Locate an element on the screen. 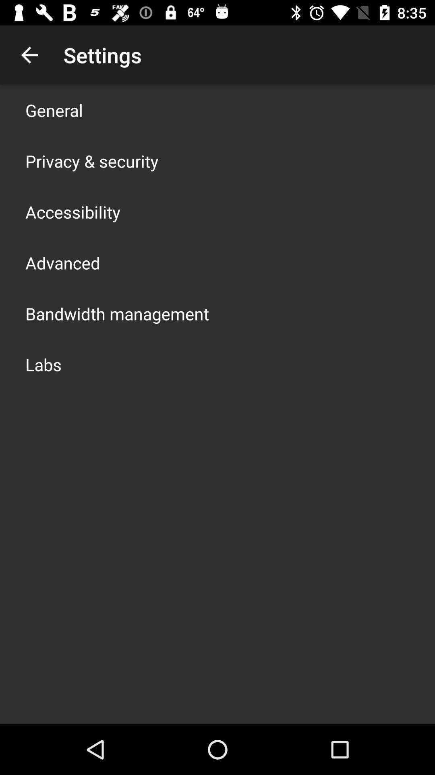 The height and width of the screenshot is (775, 435). the icon above advanced icon is located at coordinates (73, 212).